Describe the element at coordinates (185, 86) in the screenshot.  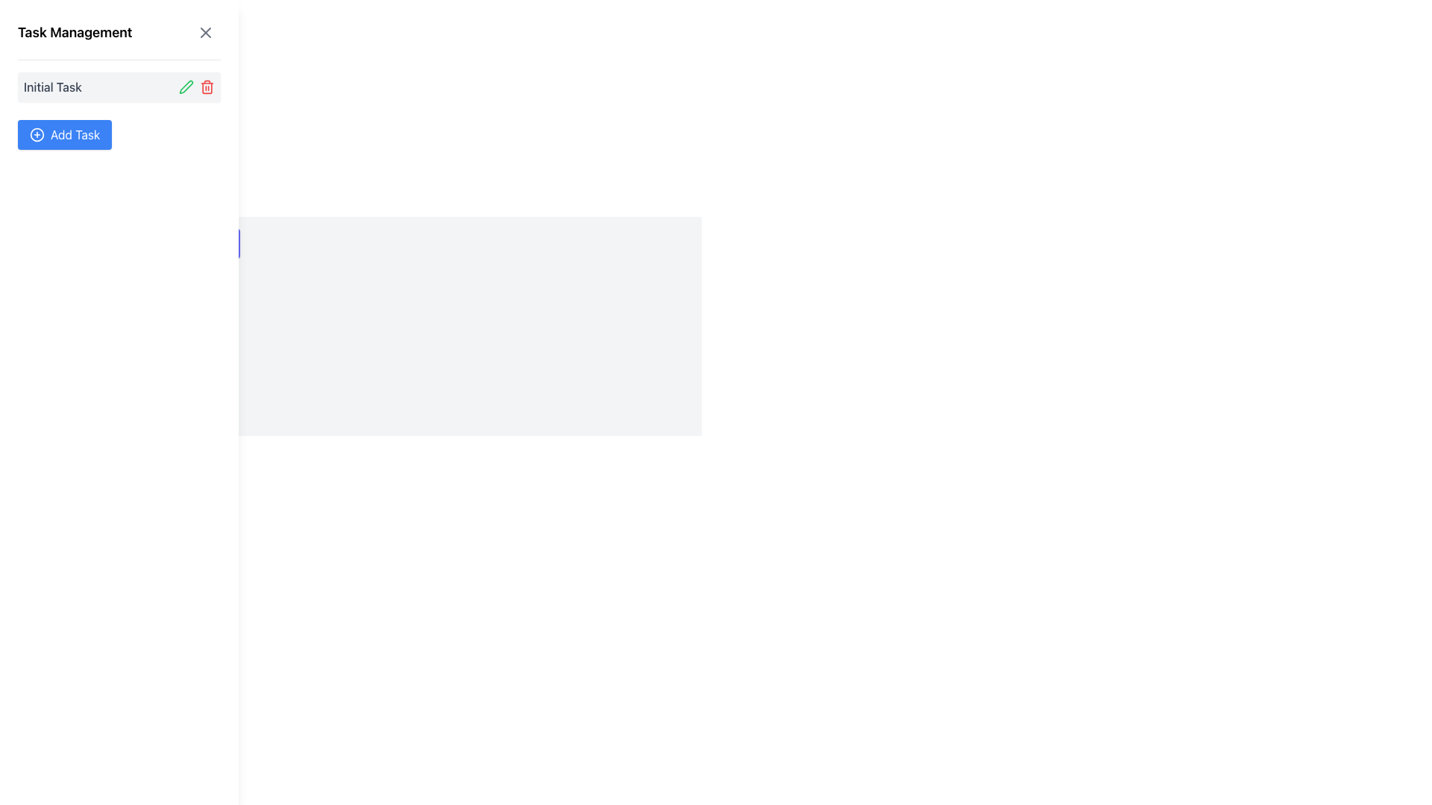
I see `the edit task icon button located in the 'Task Management' sidebar to the right of the 'Initial Task' label` at that location.